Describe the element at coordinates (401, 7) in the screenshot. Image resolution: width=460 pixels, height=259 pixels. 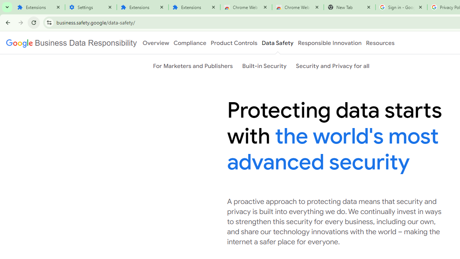
I see `'Sign in - Google Accounts'` at that location.